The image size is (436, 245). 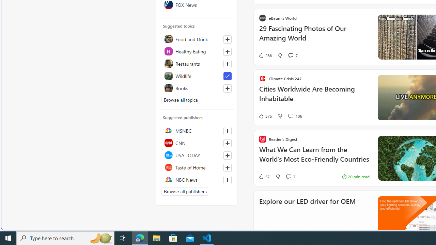 What do you see at coordinates (307, 210) in the screenshot?
I see `'Explore our LED driver for OEM'` at bounding box center [307, 210].